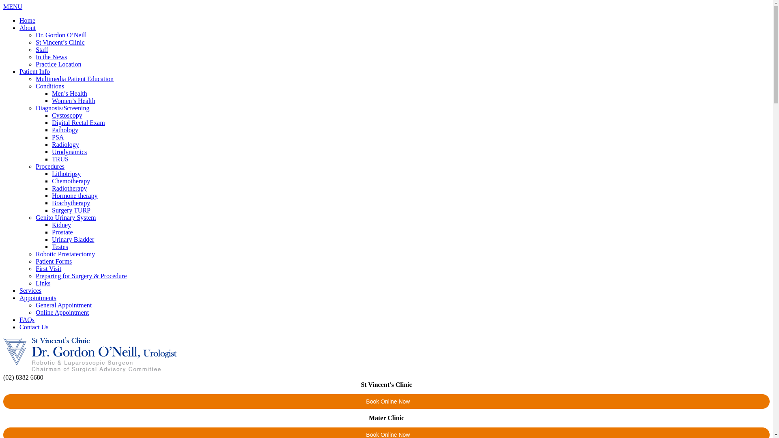 This screenshot has width=779, height=438. What do you see at coordinates (49, 166) in the screenshot?
I see `'Procedures'` at bounding box center [49, 166].